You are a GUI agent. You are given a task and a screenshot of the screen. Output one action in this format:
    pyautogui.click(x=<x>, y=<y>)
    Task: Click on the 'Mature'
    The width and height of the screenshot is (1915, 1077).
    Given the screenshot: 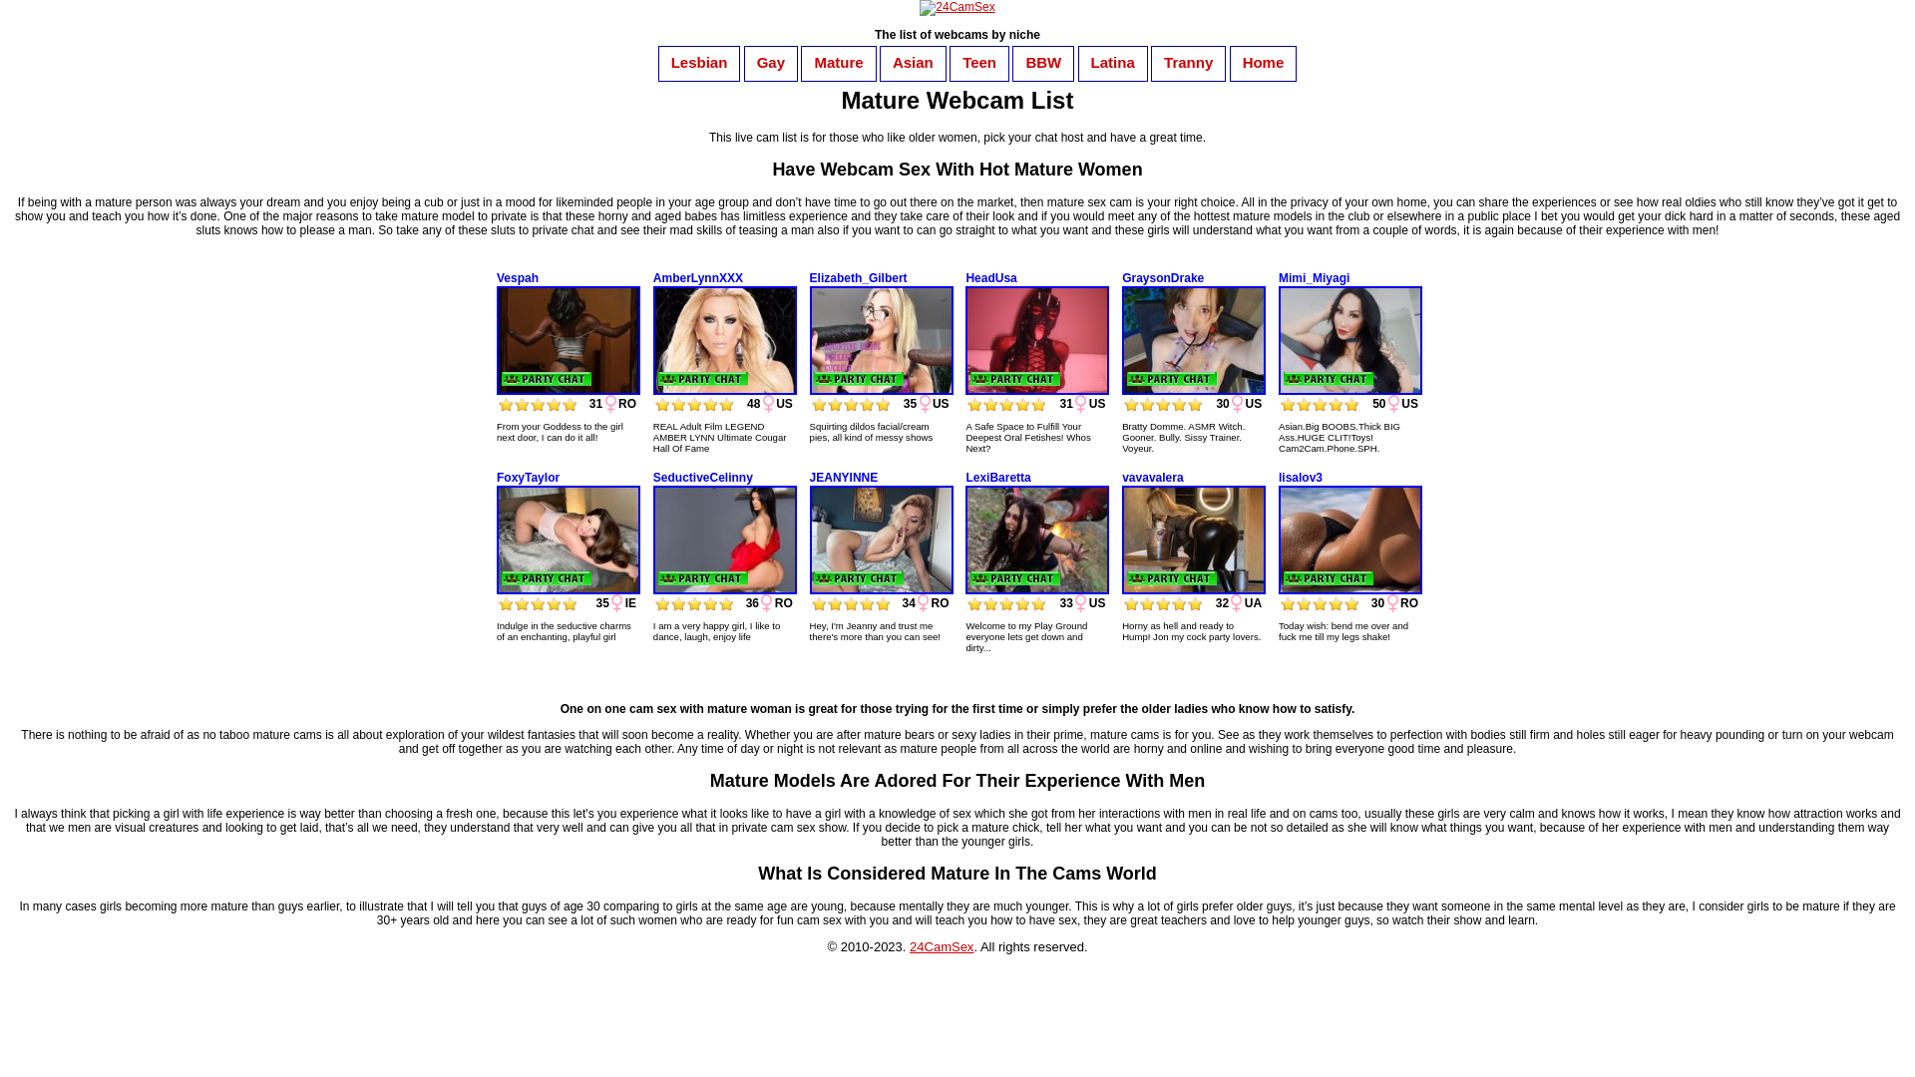 What is the action you would take?
    pyautogui.click(x=838, y=61)
    